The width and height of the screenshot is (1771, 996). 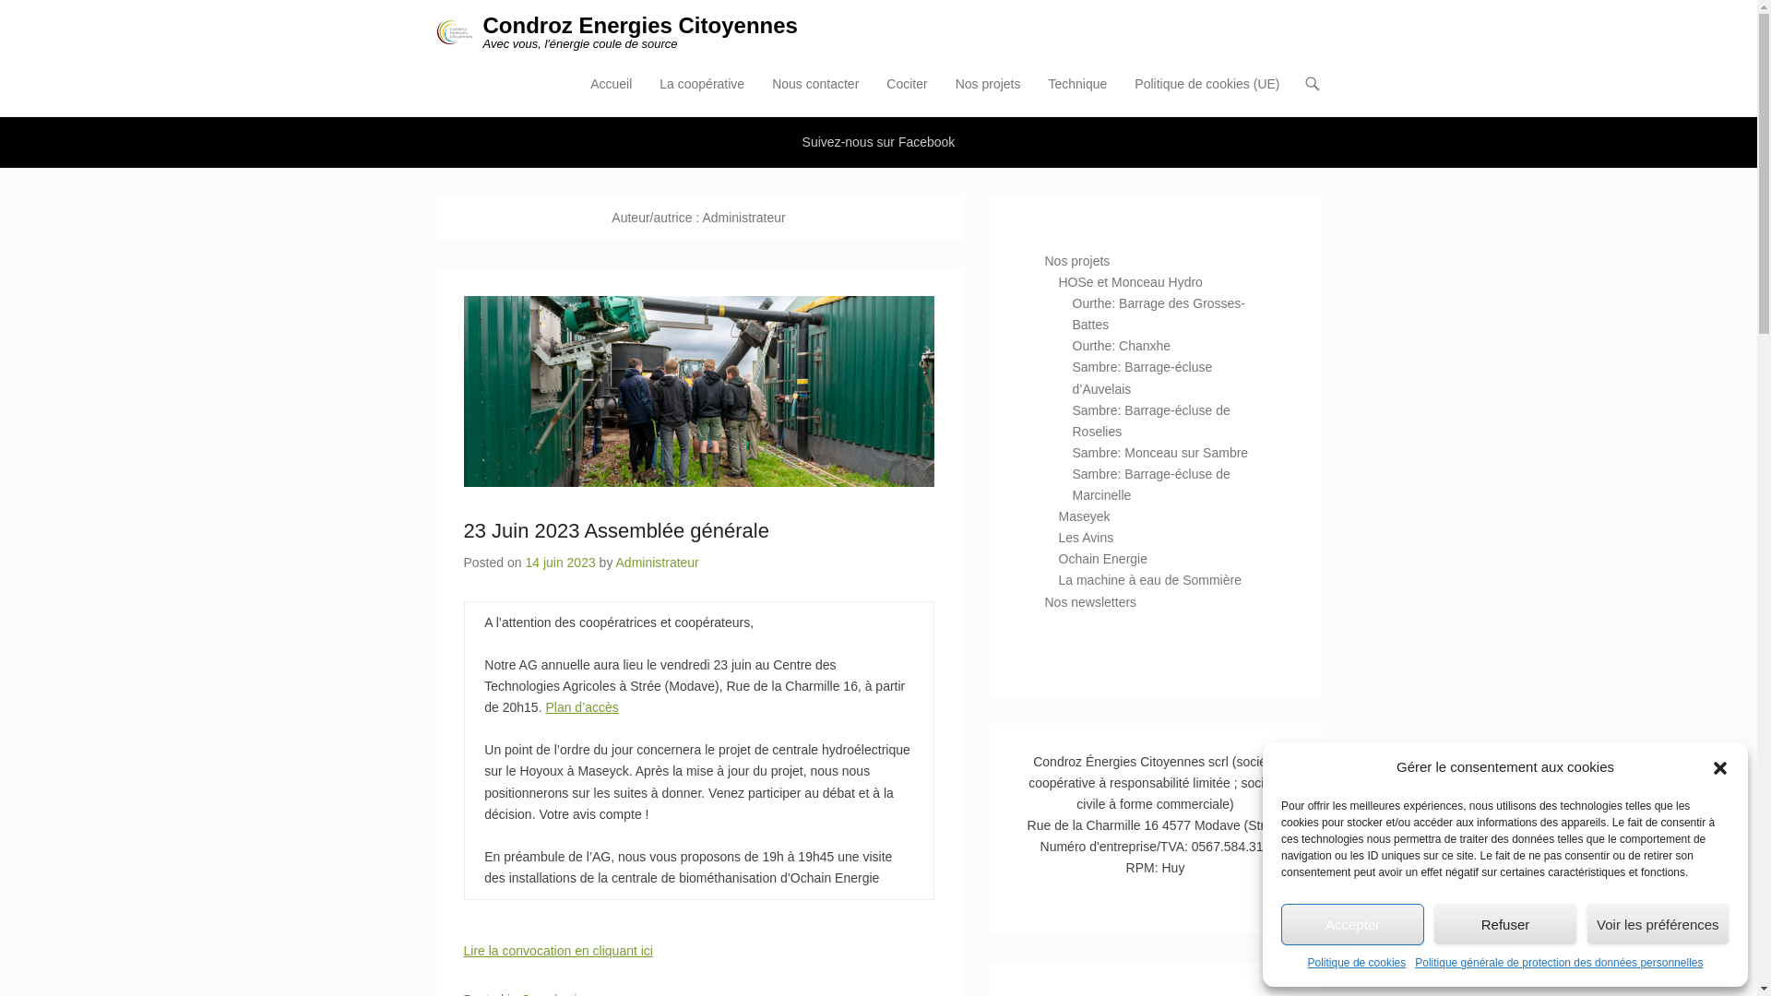 I want to click on 'Accepter', so click(x=1352, y=924).